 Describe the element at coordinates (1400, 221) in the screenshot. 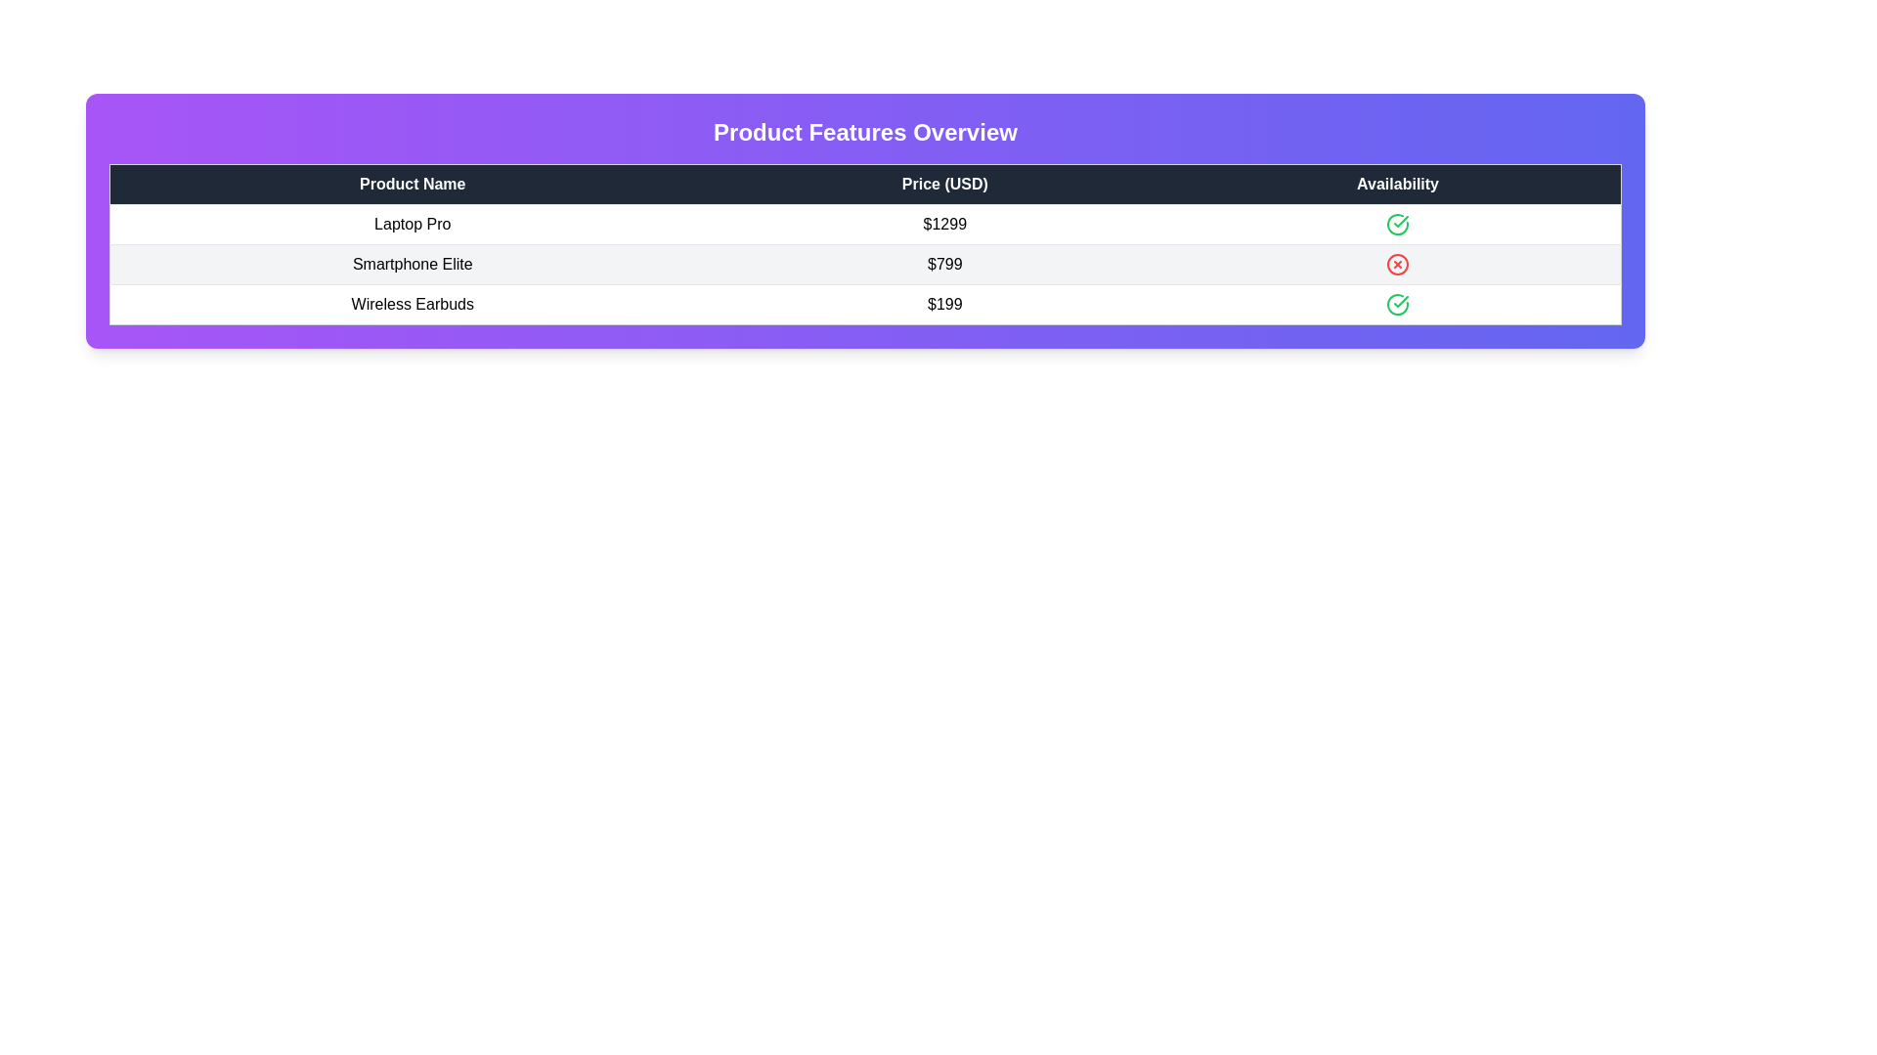

I see `the green checkmark icon in the 'Availability' column for 'Wireless Earbuds' to indicate a positive state` at that location.